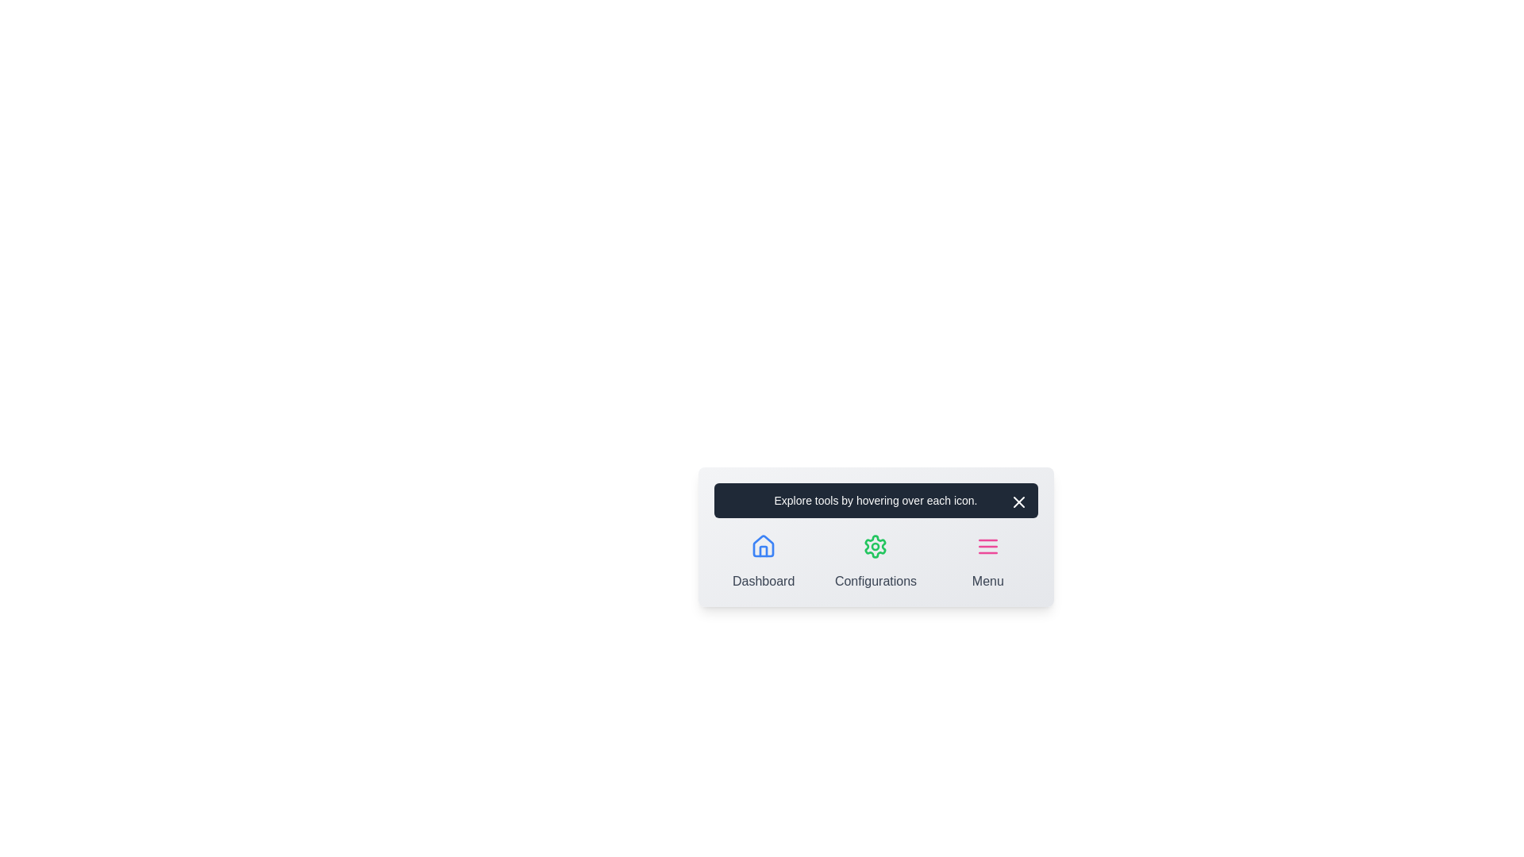 The height and width of the screenshot is (857, 1524). I want to click on the 'Dashboard' icon, which is the first icon from the left in a row of icons, so click(764, 545).